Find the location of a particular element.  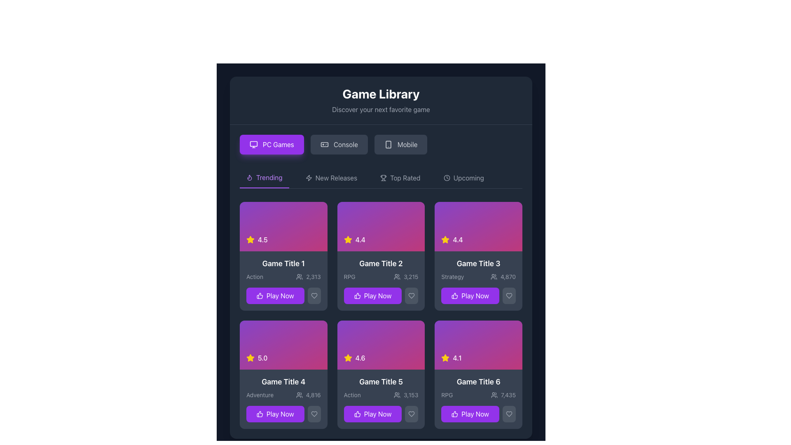

the 'Console' icon located in the segmented control beneath the 'Game Library' title is located at coordinates (324, 144).